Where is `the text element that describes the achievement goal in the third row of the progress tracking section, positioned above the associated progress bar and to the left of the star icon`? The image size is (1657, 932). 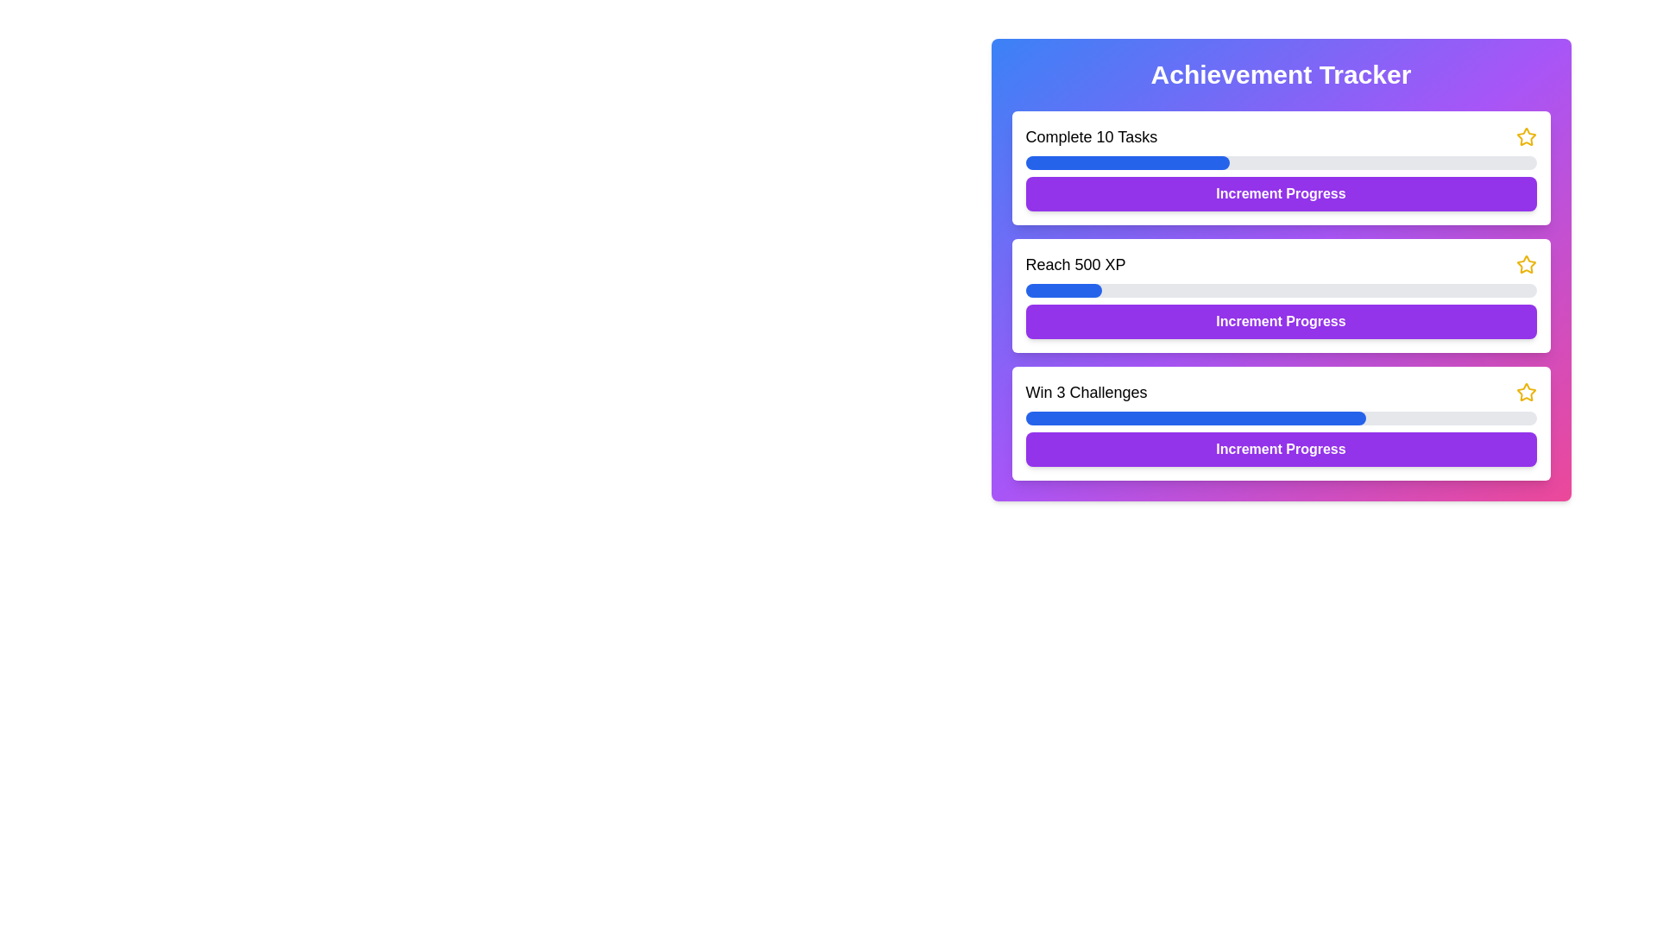 the text element that describes the achievement goal in the third row of the progress tracking section, positioned above the associated progress bar and to the left of the star icon is located at coordinates (1085, 393).